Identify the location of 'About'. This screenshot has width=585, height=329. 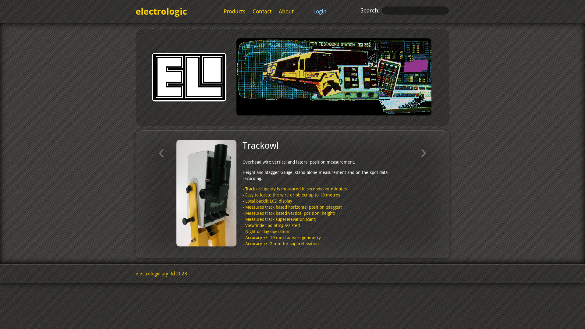
(286, 11).